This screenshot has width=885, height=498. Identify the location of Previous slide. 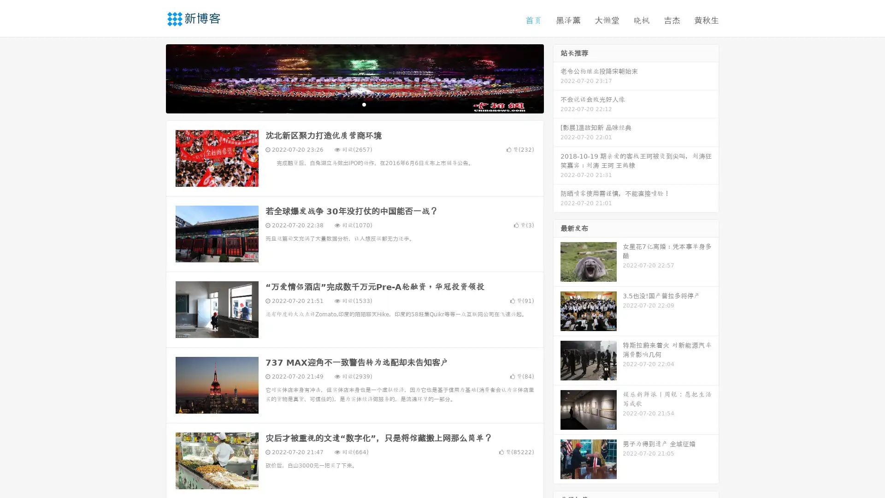
(152, 77).